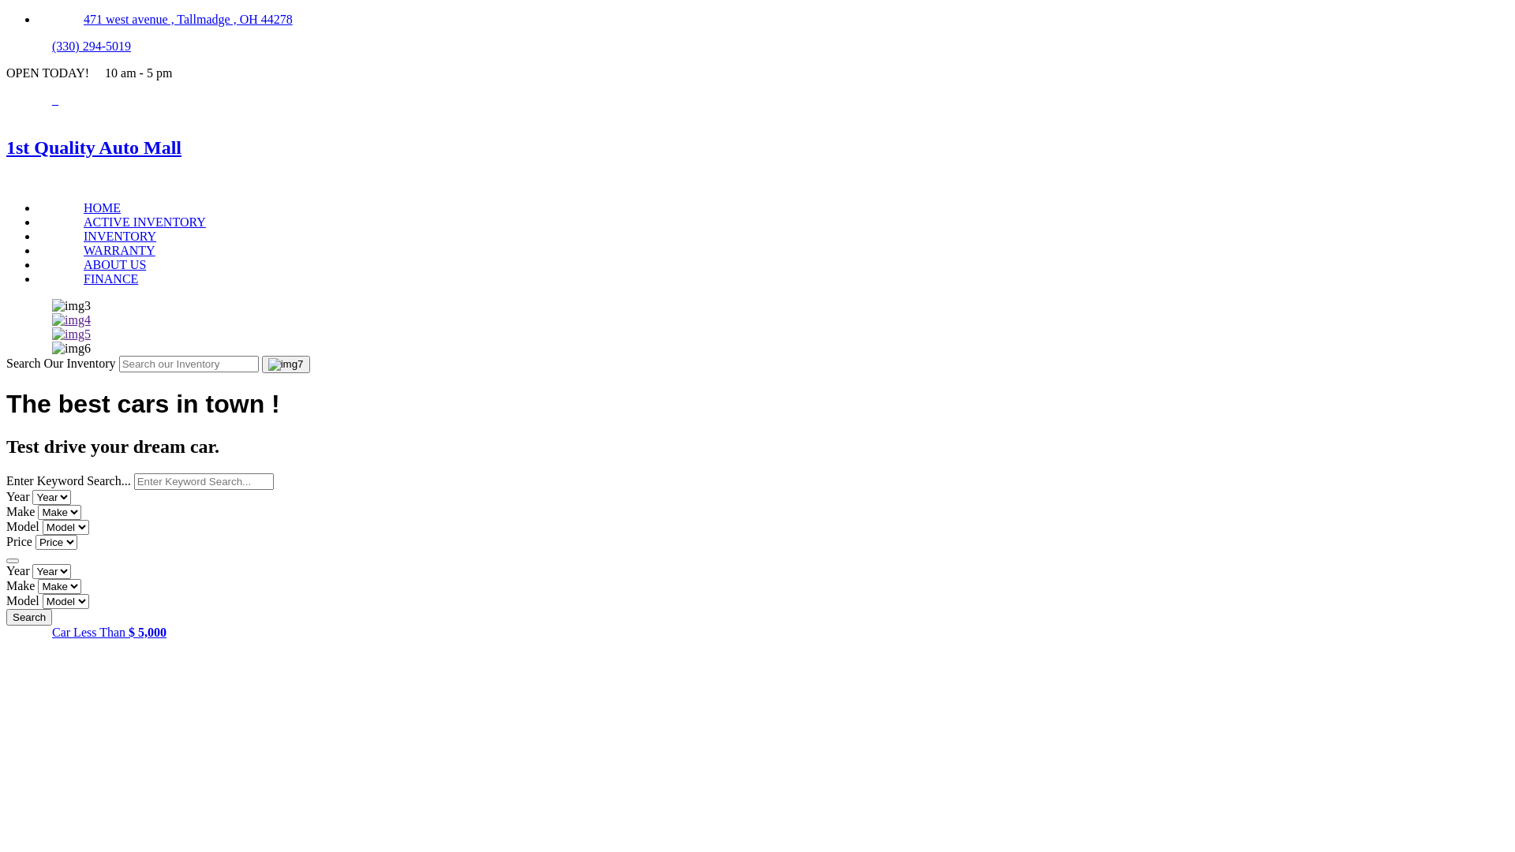  Describe the element at coordinates (144, 222) in the screenshot. I see `'ACTIVE INVENTORY'` at that location.